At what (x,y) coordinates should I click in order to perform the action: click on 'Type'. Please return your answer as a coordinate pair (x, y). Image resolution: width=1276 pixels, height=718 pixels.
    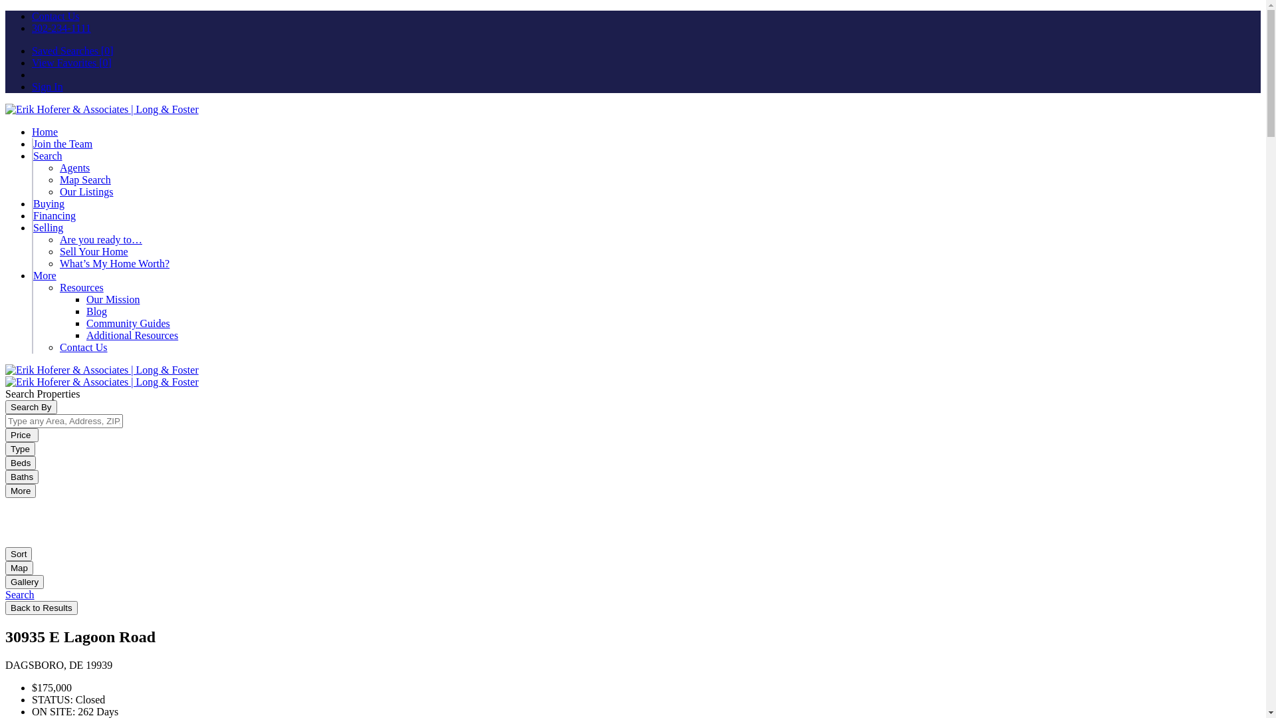
    Looking at the image, I should click on (20, 449).